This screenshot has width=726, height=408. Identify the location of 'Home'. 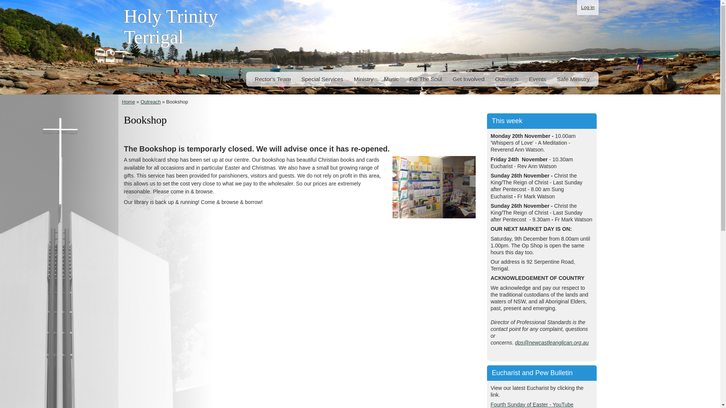
(128, 101).